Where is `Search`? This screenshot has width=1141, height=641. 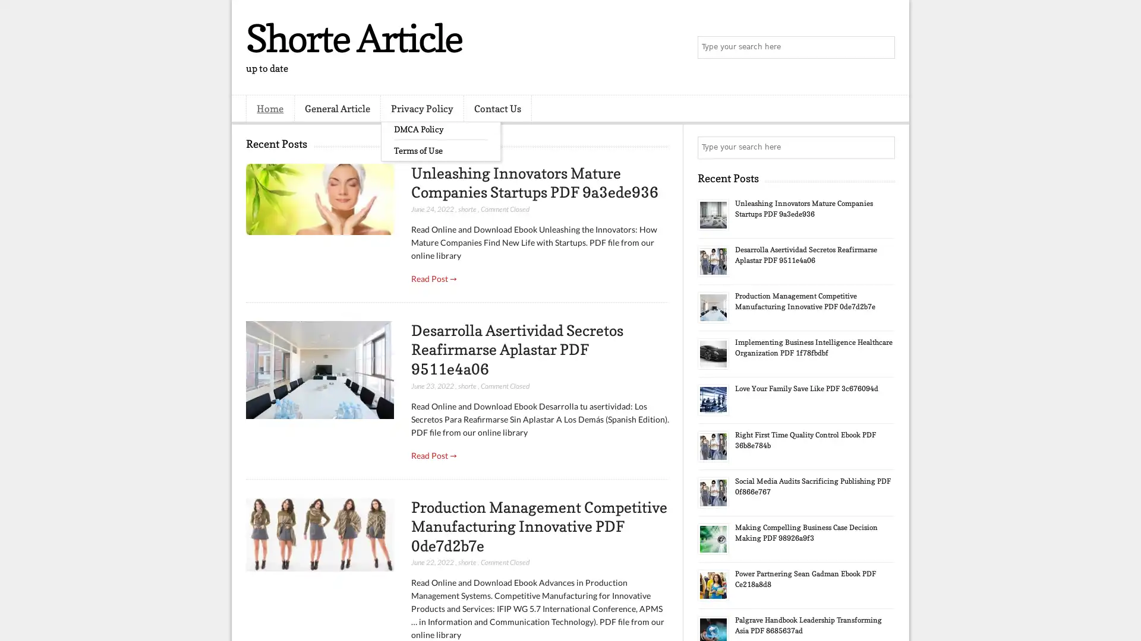 Search is located at coordinates (882, 147).